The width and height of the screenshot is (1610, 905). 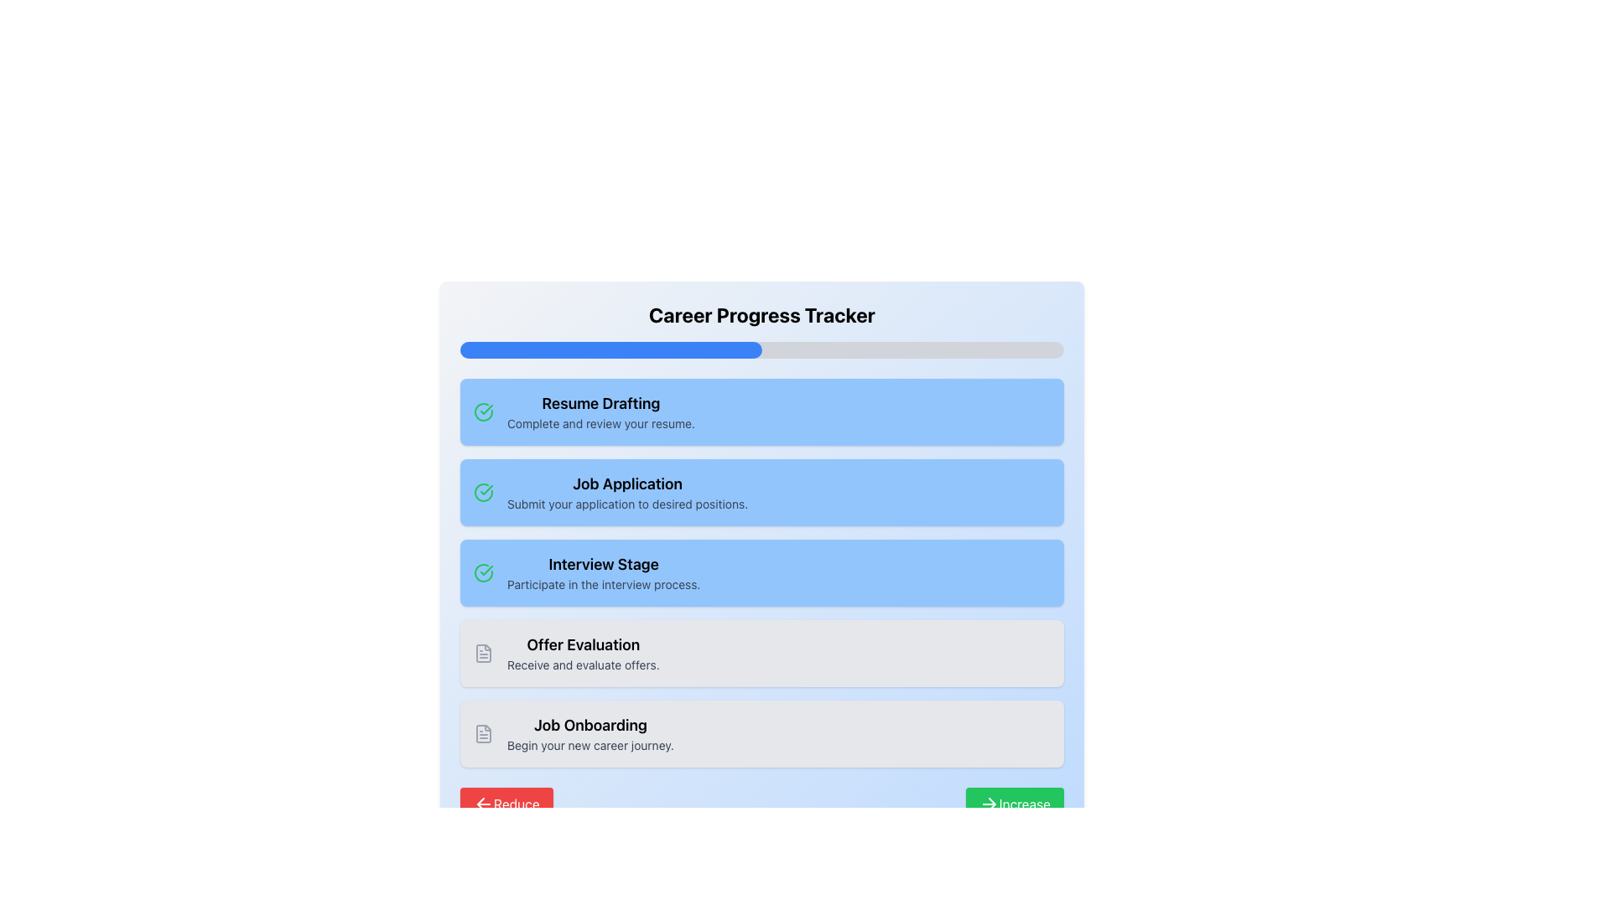 I want to click on information from the informational card labeled 'Job Application', which is the second item in a vertically stacked list with a blue background, so click(x=761, y=491).